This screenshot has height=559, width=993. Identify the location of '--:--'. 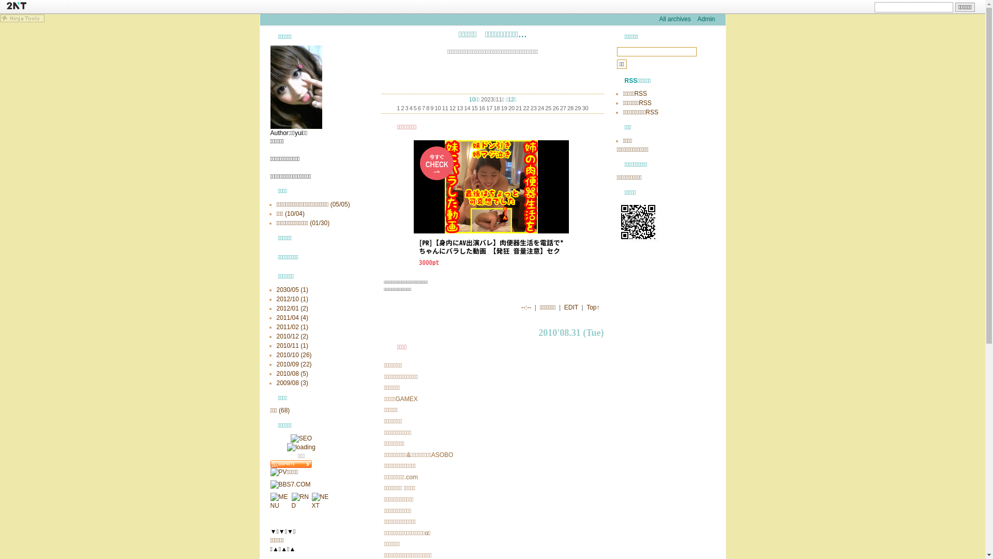
(526, 307).